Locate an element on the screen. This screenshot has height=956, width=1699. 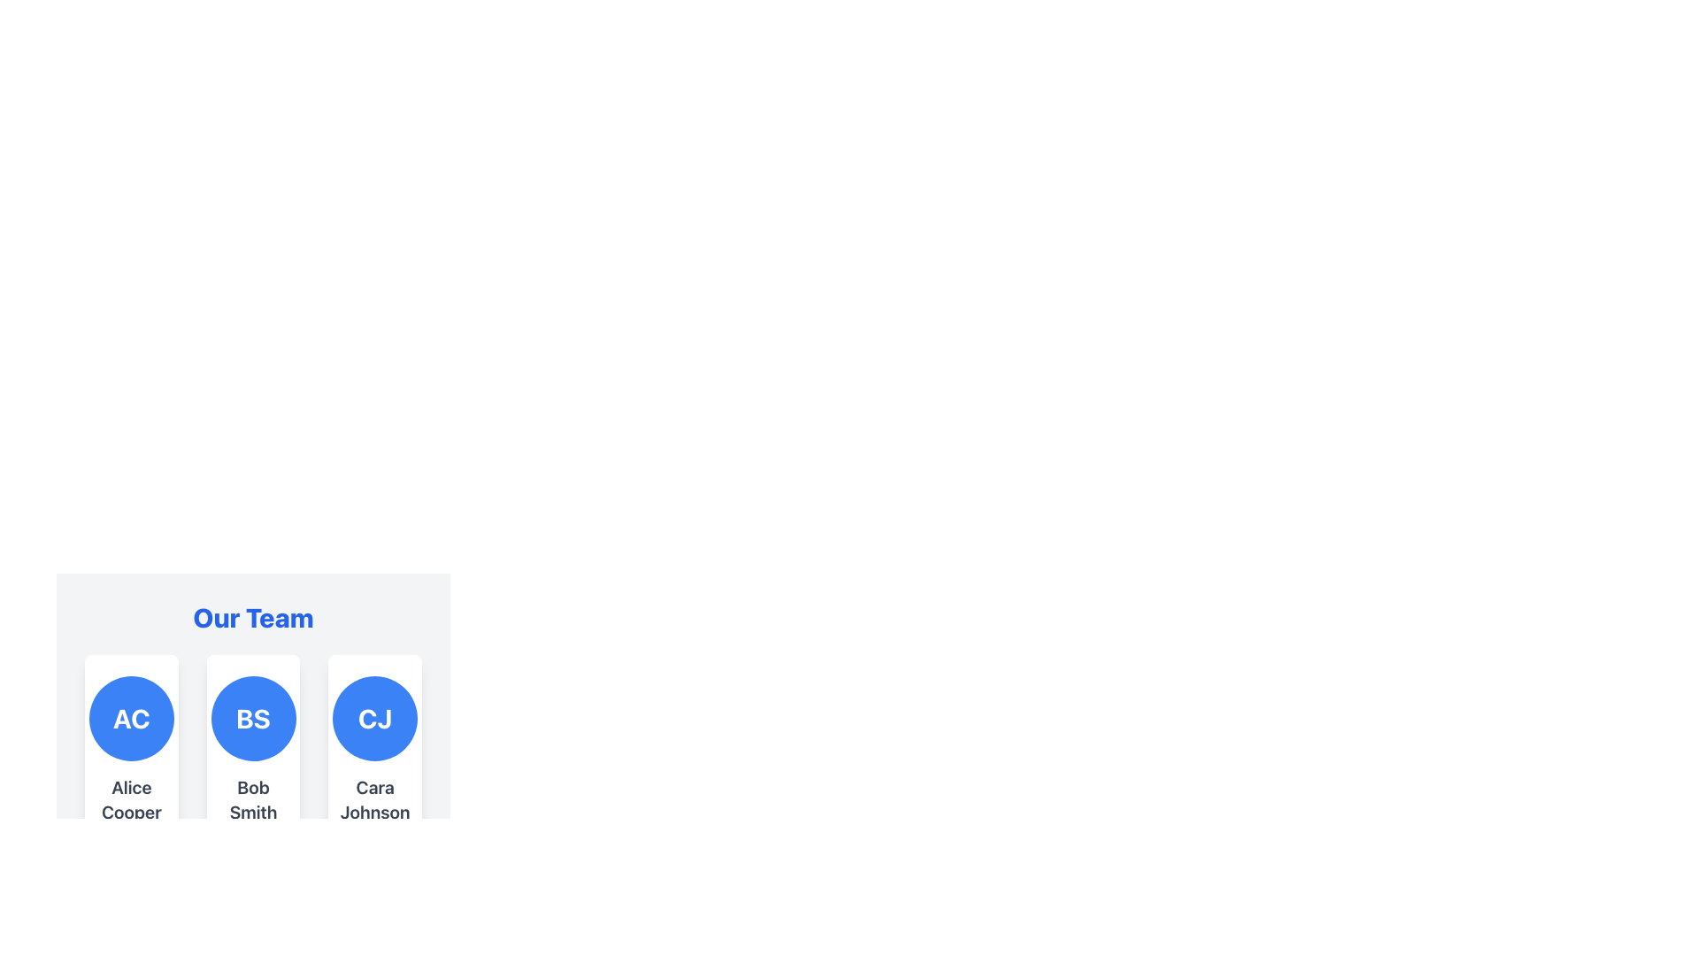
the text '(555) 987-6543' from the Text Label element that is styled with a clean, sans-serif font and positioned centrally below the main content is located at coordinates (256, 920).